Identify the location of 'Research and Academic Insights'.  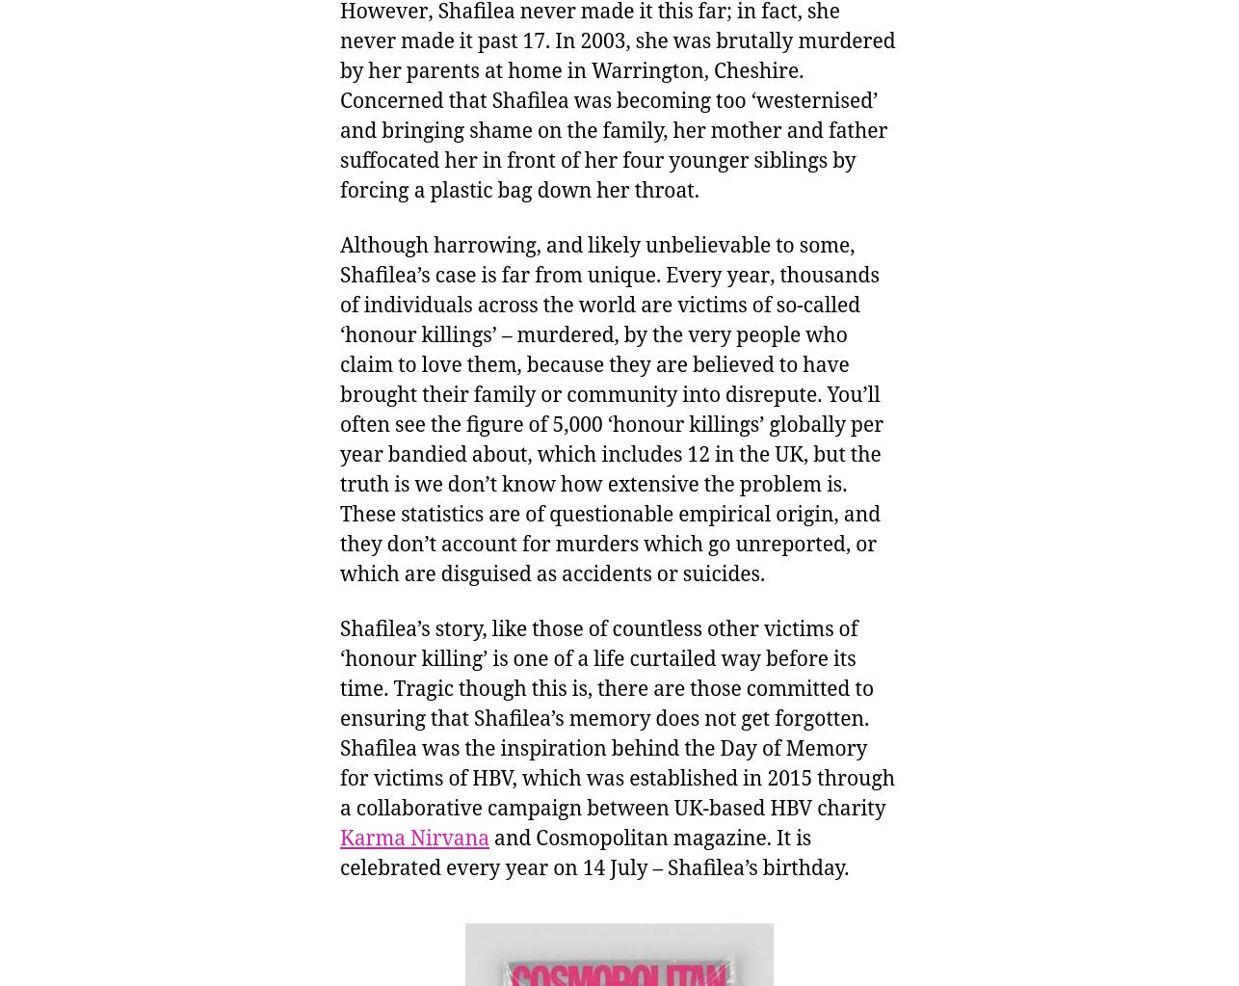
(198, 797).